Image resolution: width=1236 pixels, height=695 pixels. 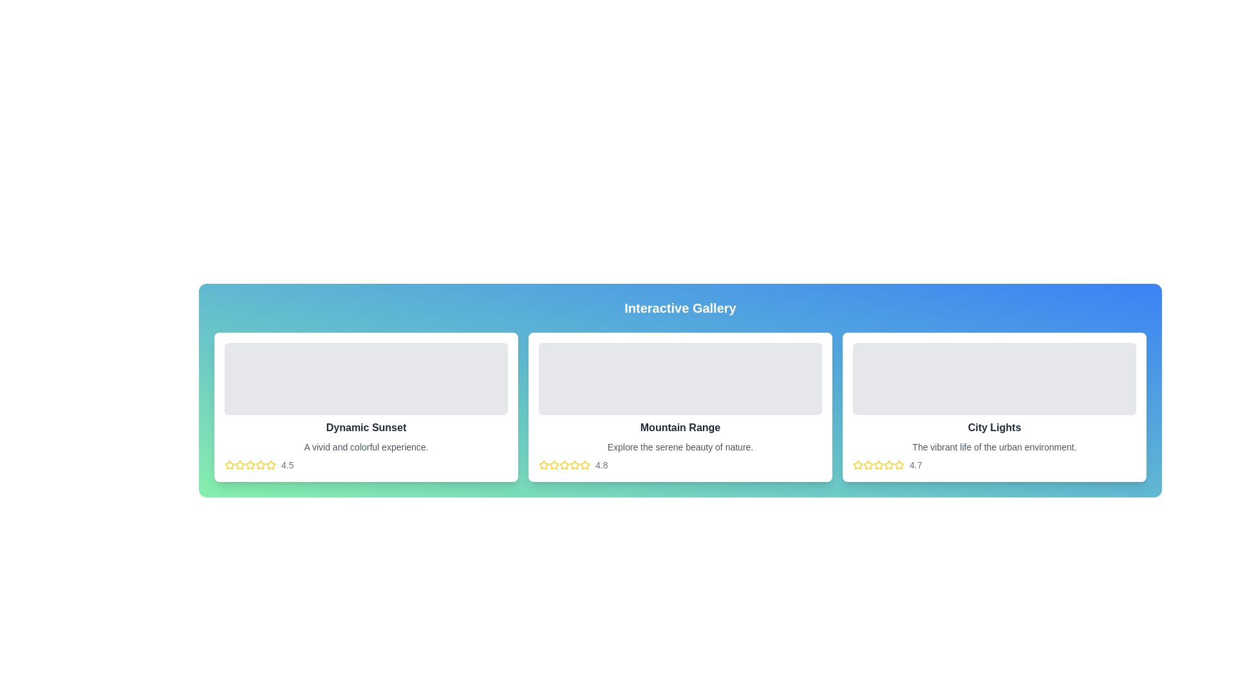 What do you see at coordinates (858, 465) in the screenshot?
I see `the first yellow star icon in the rating sequence below the 'City Lights' card to provide visual feedback` at bounding box center [858, 465].